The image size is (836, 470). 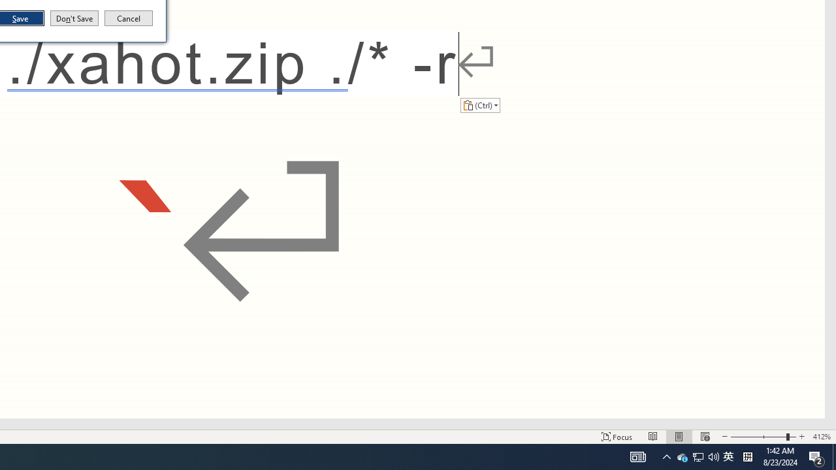 What do you see at coordinates (821, 437) in the screenshot?
I see `'Zoom 412%'` at bounding box center [821, 437].